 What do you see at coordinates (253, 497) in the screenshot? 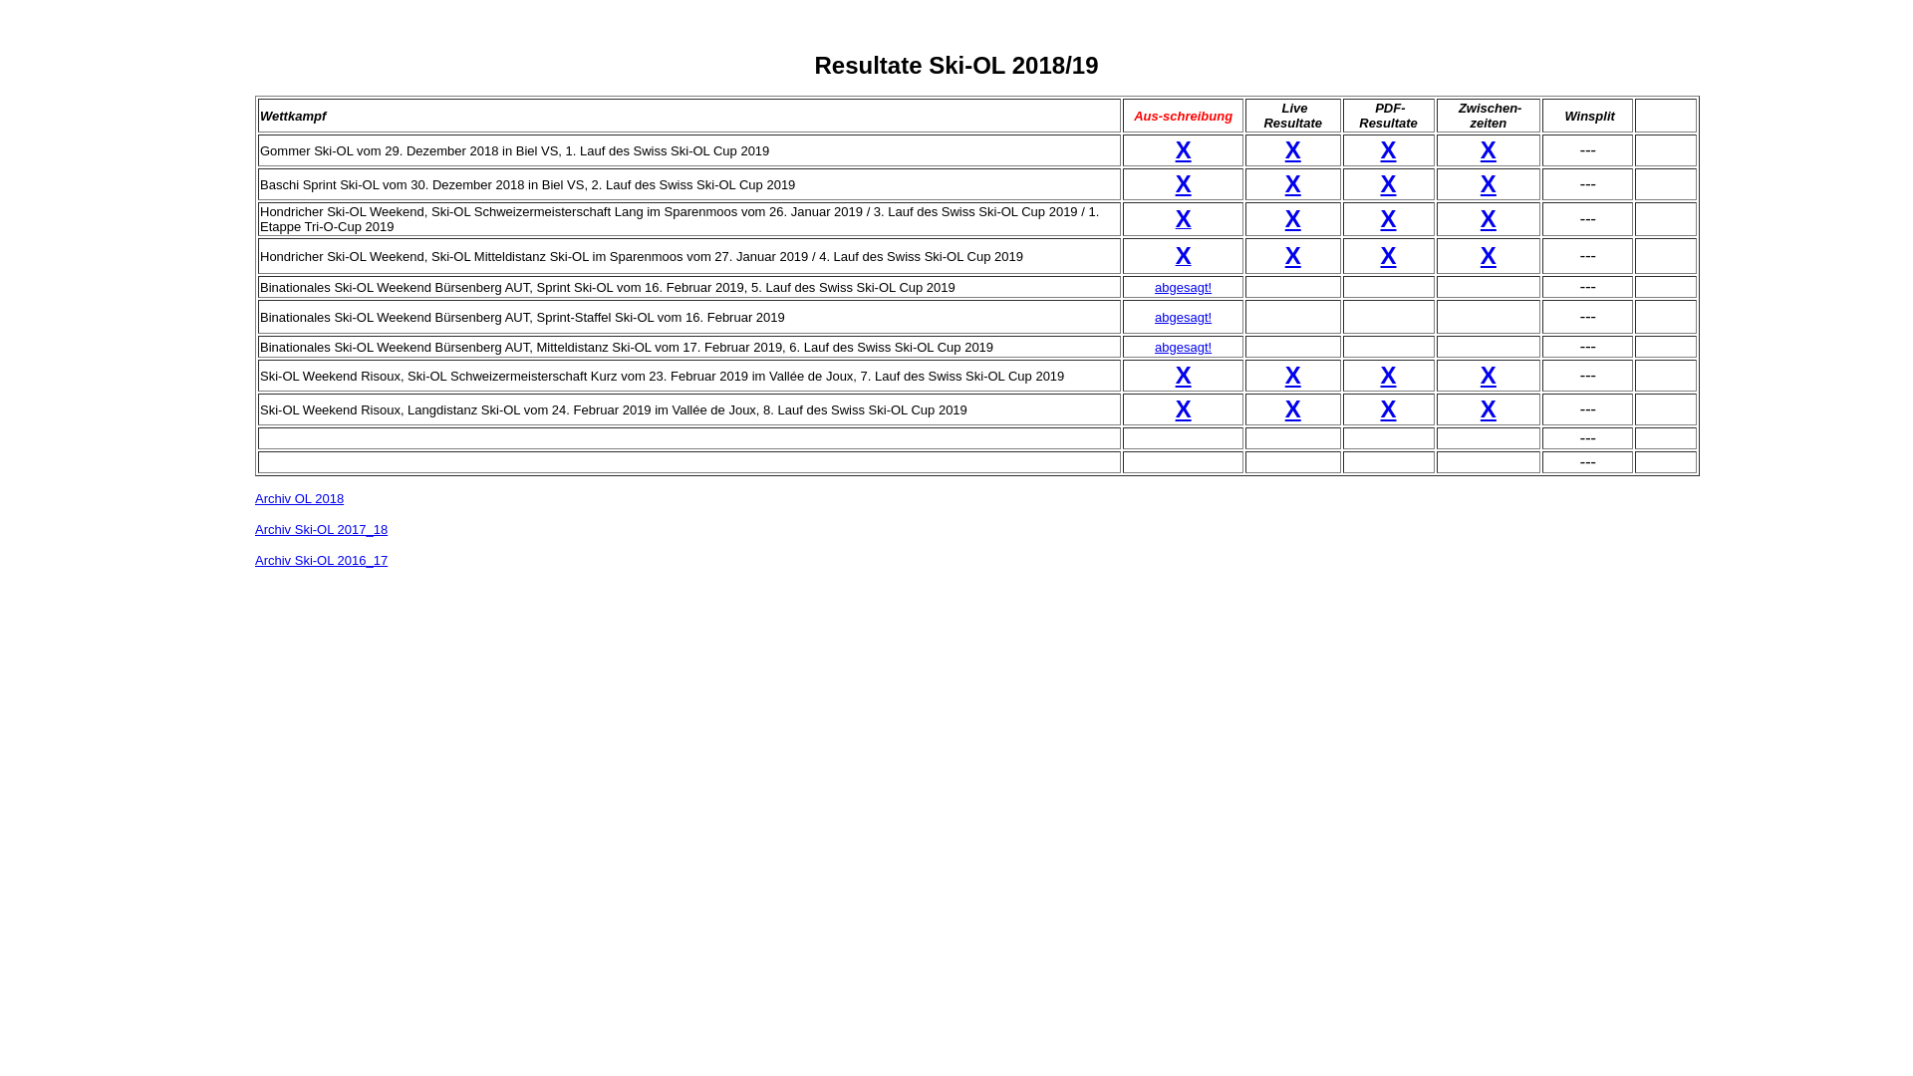
I see `'Archiv OL 2018'` at bounding box center [253, 497].